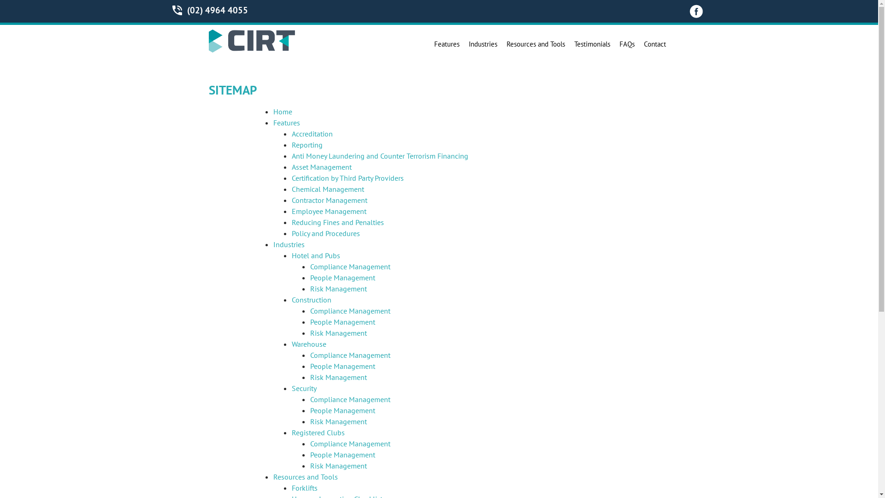  What do you see at coordinates (329, 200) in the screenshot?
I see `'Contractor Management'` at bounding box center [329, 200].